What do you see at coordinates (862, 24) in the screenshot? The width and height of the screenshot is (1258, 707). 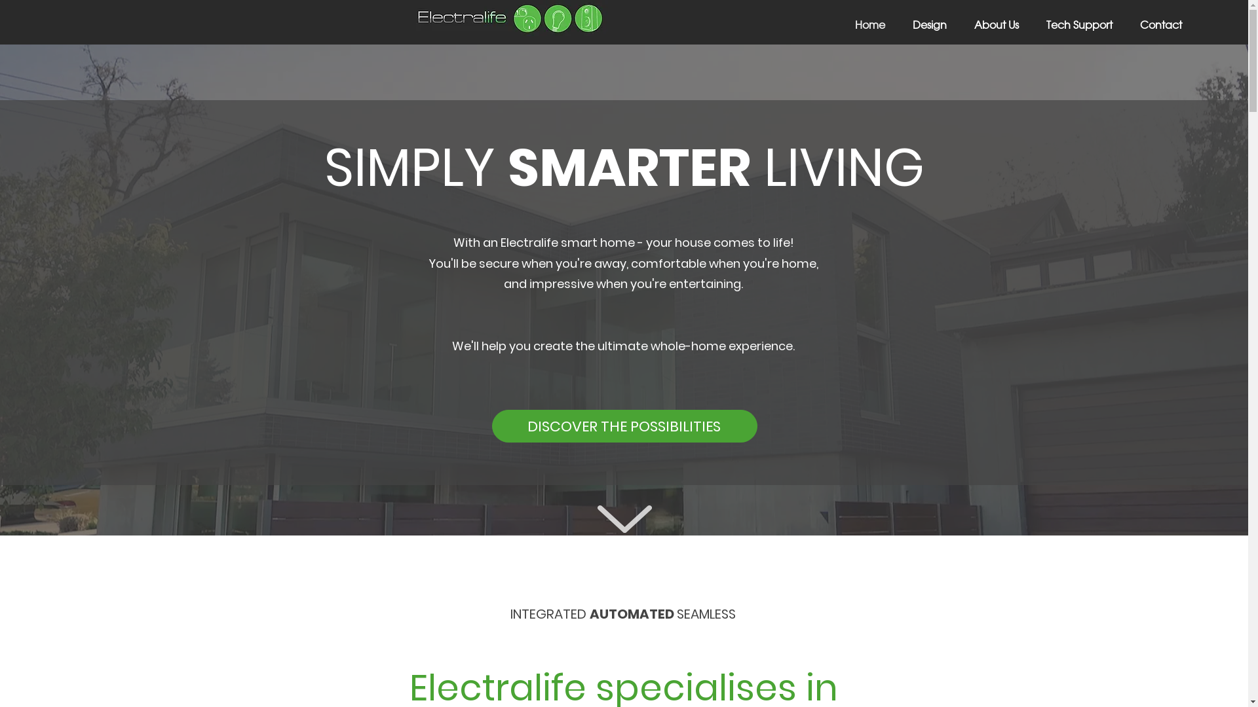 I see `'Home'` at bounding box center [862, 24].